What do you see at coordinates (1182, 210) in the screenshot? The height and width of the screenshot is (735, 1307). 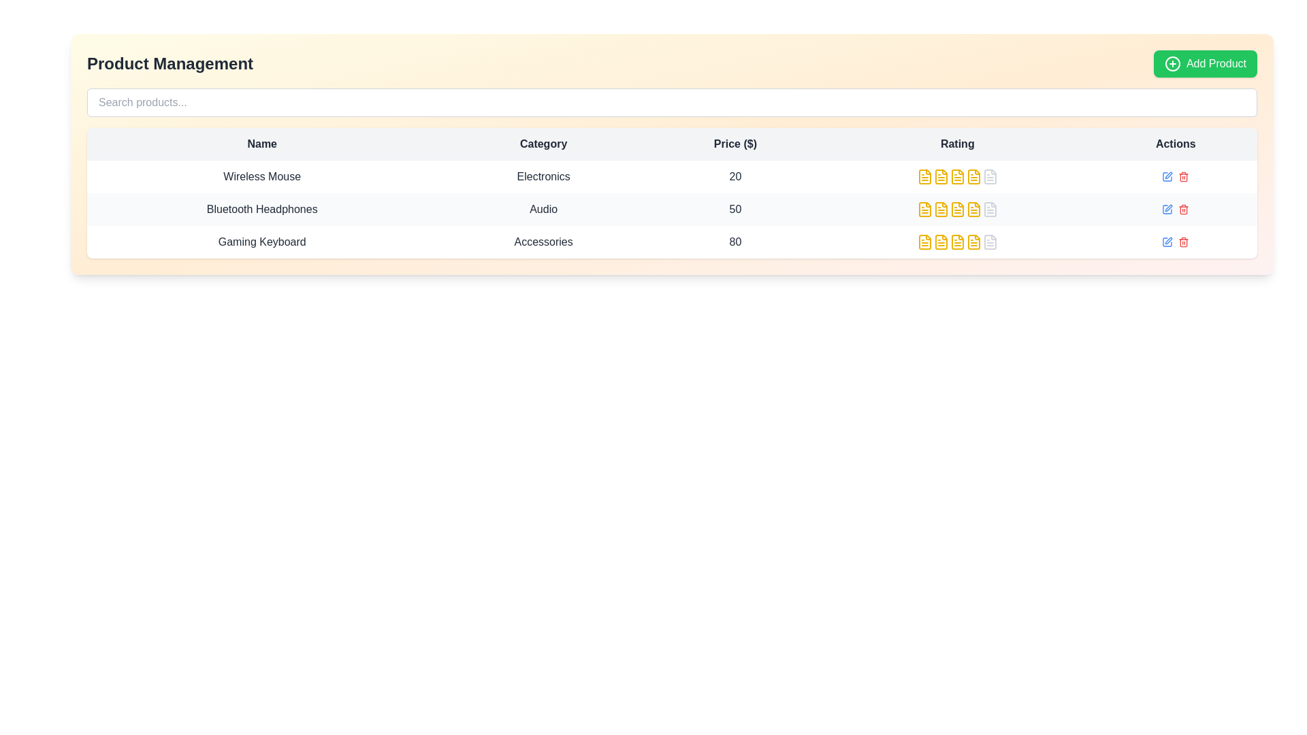 I see `the red trash bin icon button located in the 'Actions' column of the last row, positioned to the right of the blue edit icon` at bounding box center [1182, 210].